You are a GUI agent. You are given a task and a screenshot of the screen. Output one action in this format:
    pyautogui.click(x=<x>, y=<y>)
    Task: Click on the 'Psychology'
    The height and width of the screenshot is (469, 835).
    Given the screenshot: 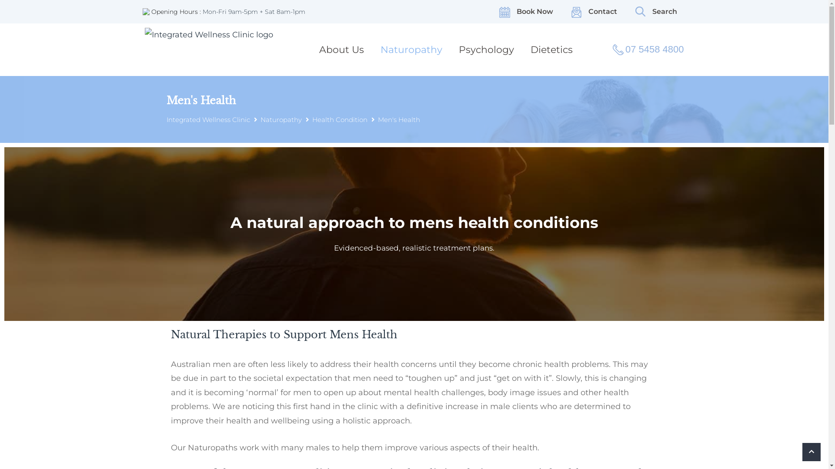 What is the action you would take?
    pyautogui.click(x=454, y=50)
    